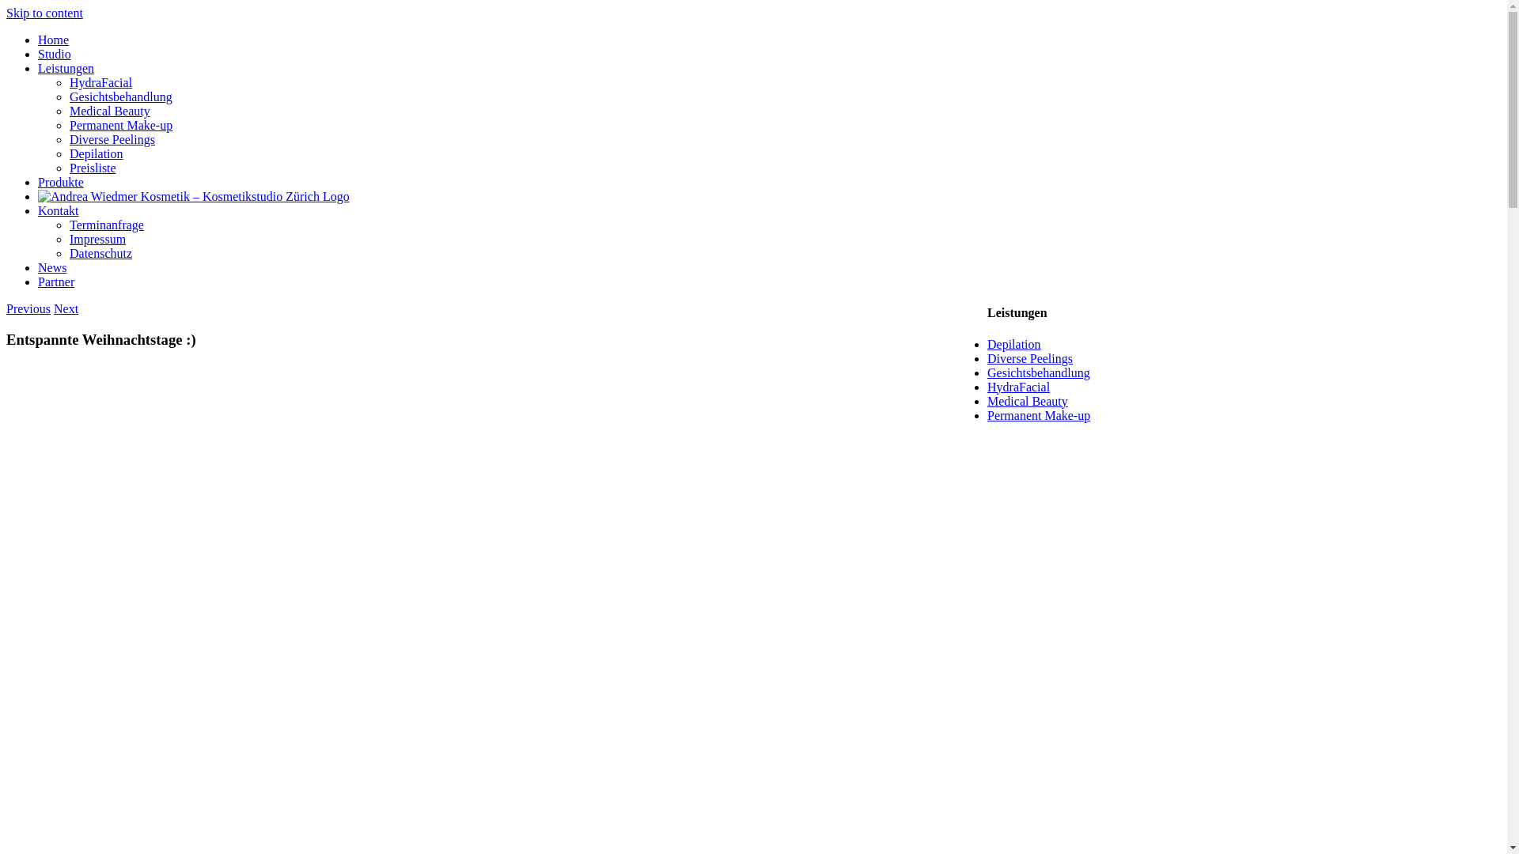 The width and height of the screenshot is (1519, 854). Describe the element at coordinates (112, 138) in the screenshot. I see `'Diverse Peelings'` at that location.